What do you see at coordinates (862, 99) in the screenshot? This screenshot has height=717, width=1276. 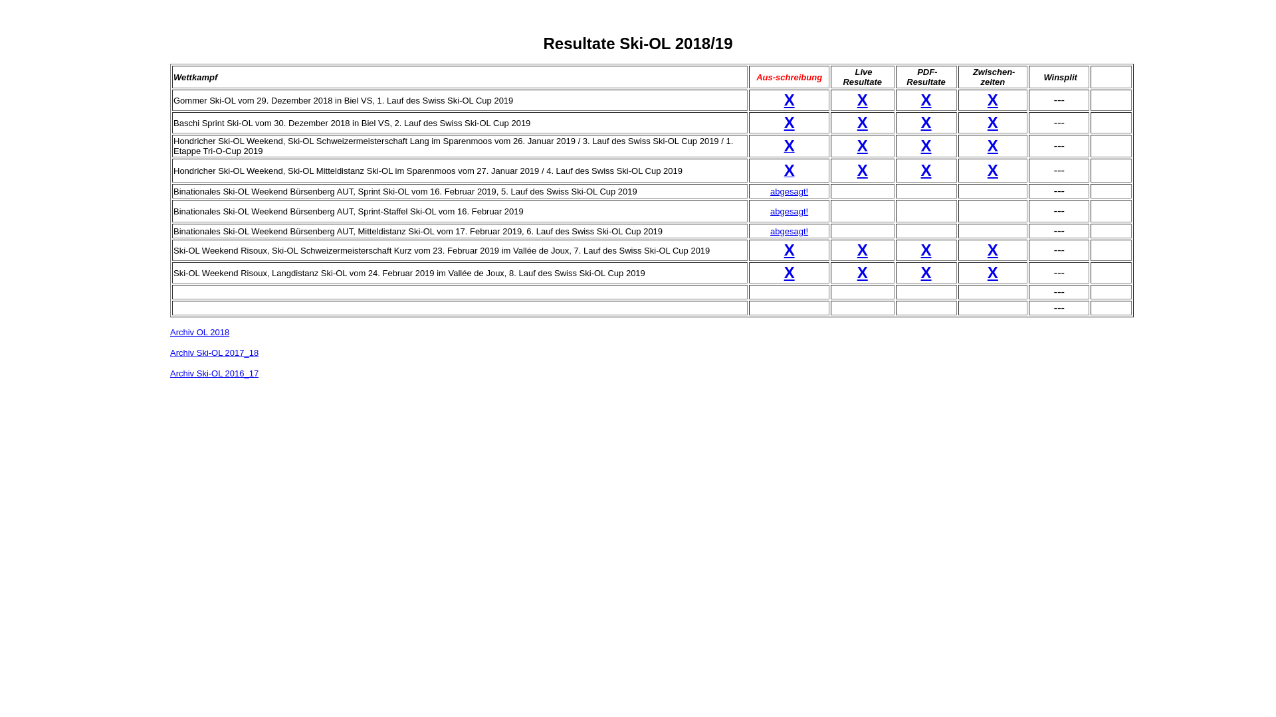 I see `'X'` at bounding box center [862, 99].